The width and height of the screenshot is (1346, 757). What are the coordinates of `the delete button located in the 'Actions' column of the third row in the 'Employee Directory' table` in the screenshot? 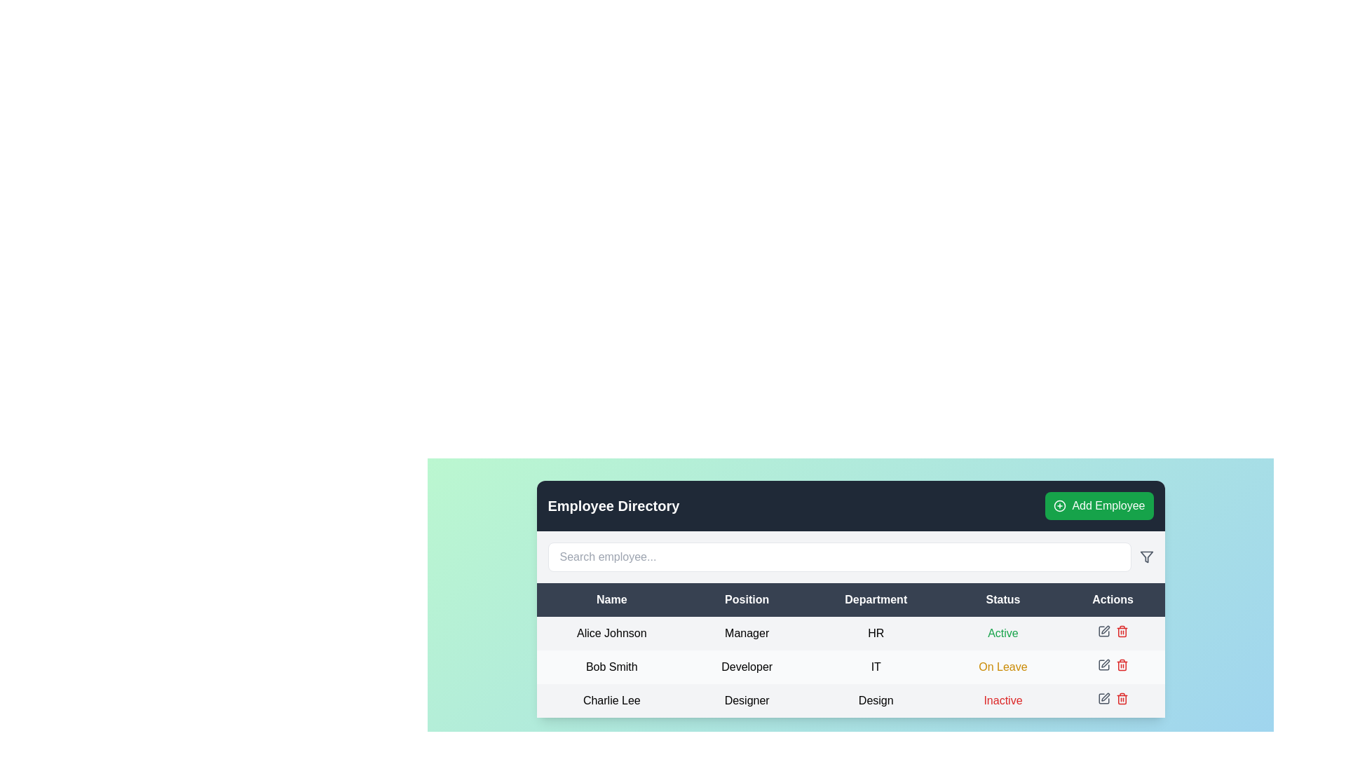 It's located at (1122, 664).